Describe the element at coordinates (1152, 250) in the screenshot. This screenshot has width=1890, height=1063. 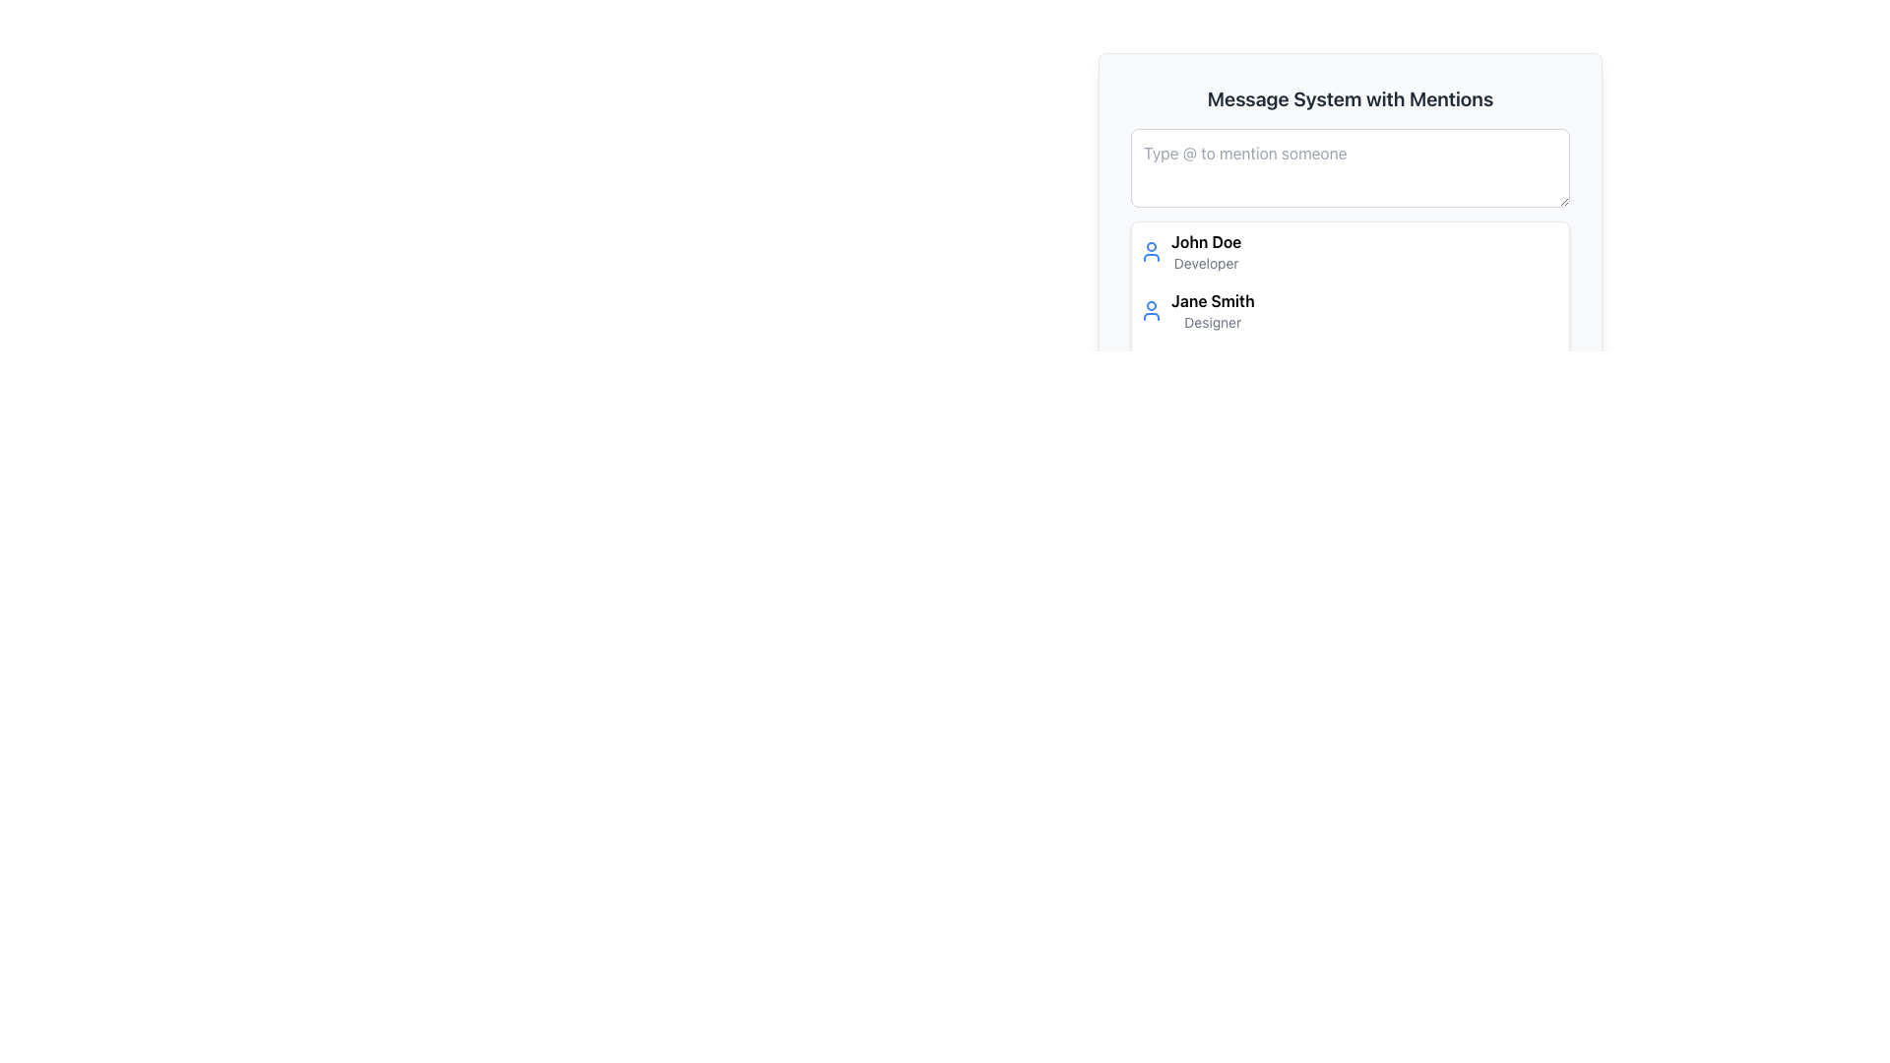
I see `the user profile icon associated with the 'John Doe' entry in the 'Message System with Mentions' interface, located at the left side of the 'John Doe Developer' entry` at that location.